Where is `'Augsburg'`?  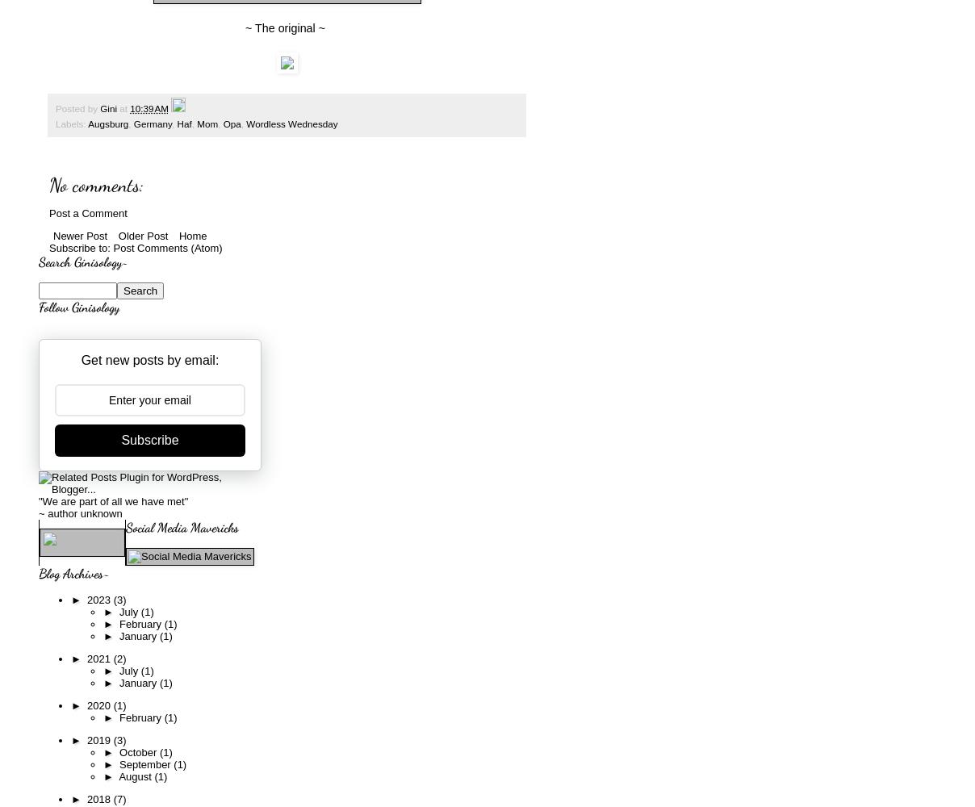
'Augsburg' is located at coordinates (107, 123).